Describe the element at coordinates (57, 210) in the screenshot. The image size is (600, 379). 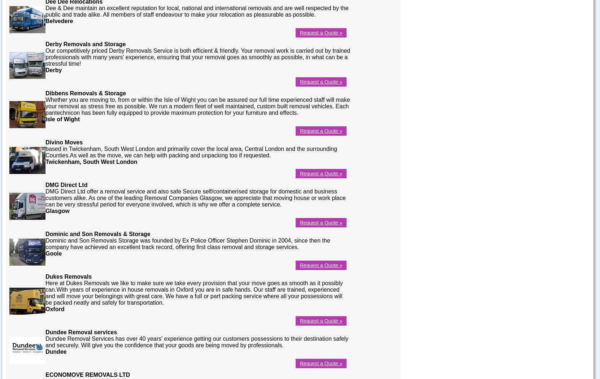
I see `'Glasgow'` at that location.